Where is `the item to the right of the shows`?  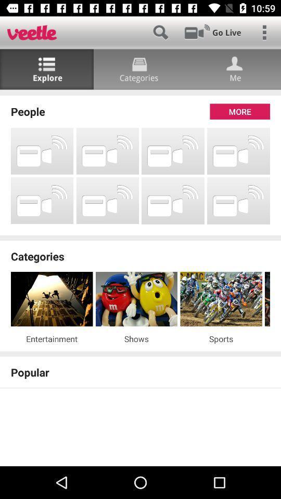 the item to the right of the shows is located at coordinates (221, 338).